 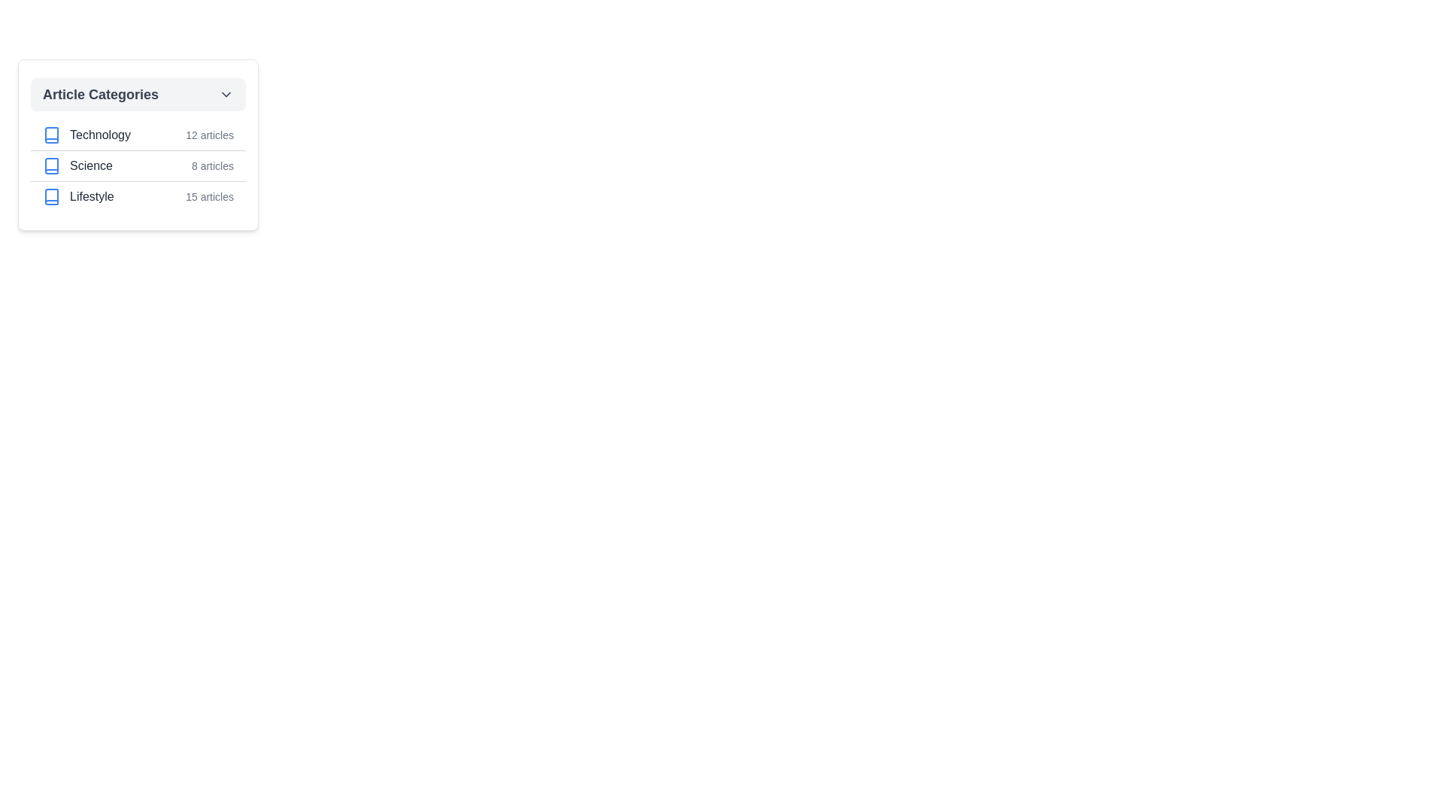 I want to click on the second list item representing the 'Science' category, which is positioned between 'Technology' and 'Lifestyle' in the vertical list of categories, so click(x=138, y=165).